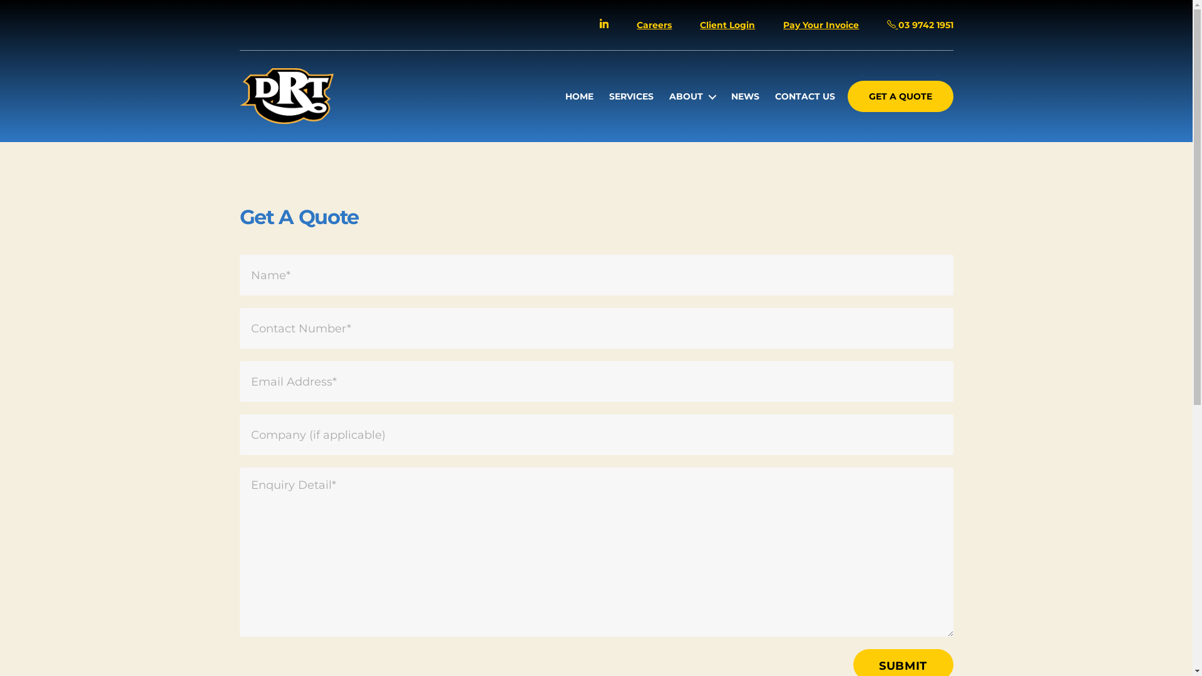  I want to click on 'CONTACT US', so click(805, 96).